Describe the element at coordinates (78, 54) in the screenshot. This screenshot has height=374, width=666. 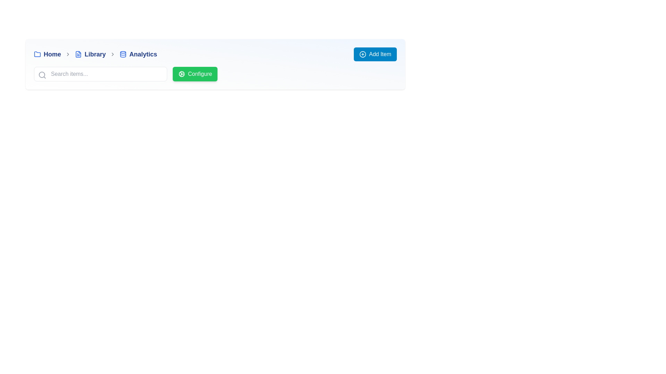
I see `the blue document icon with lines of text located in the navigation bar, adjacent to the word 'Library'` at that location.